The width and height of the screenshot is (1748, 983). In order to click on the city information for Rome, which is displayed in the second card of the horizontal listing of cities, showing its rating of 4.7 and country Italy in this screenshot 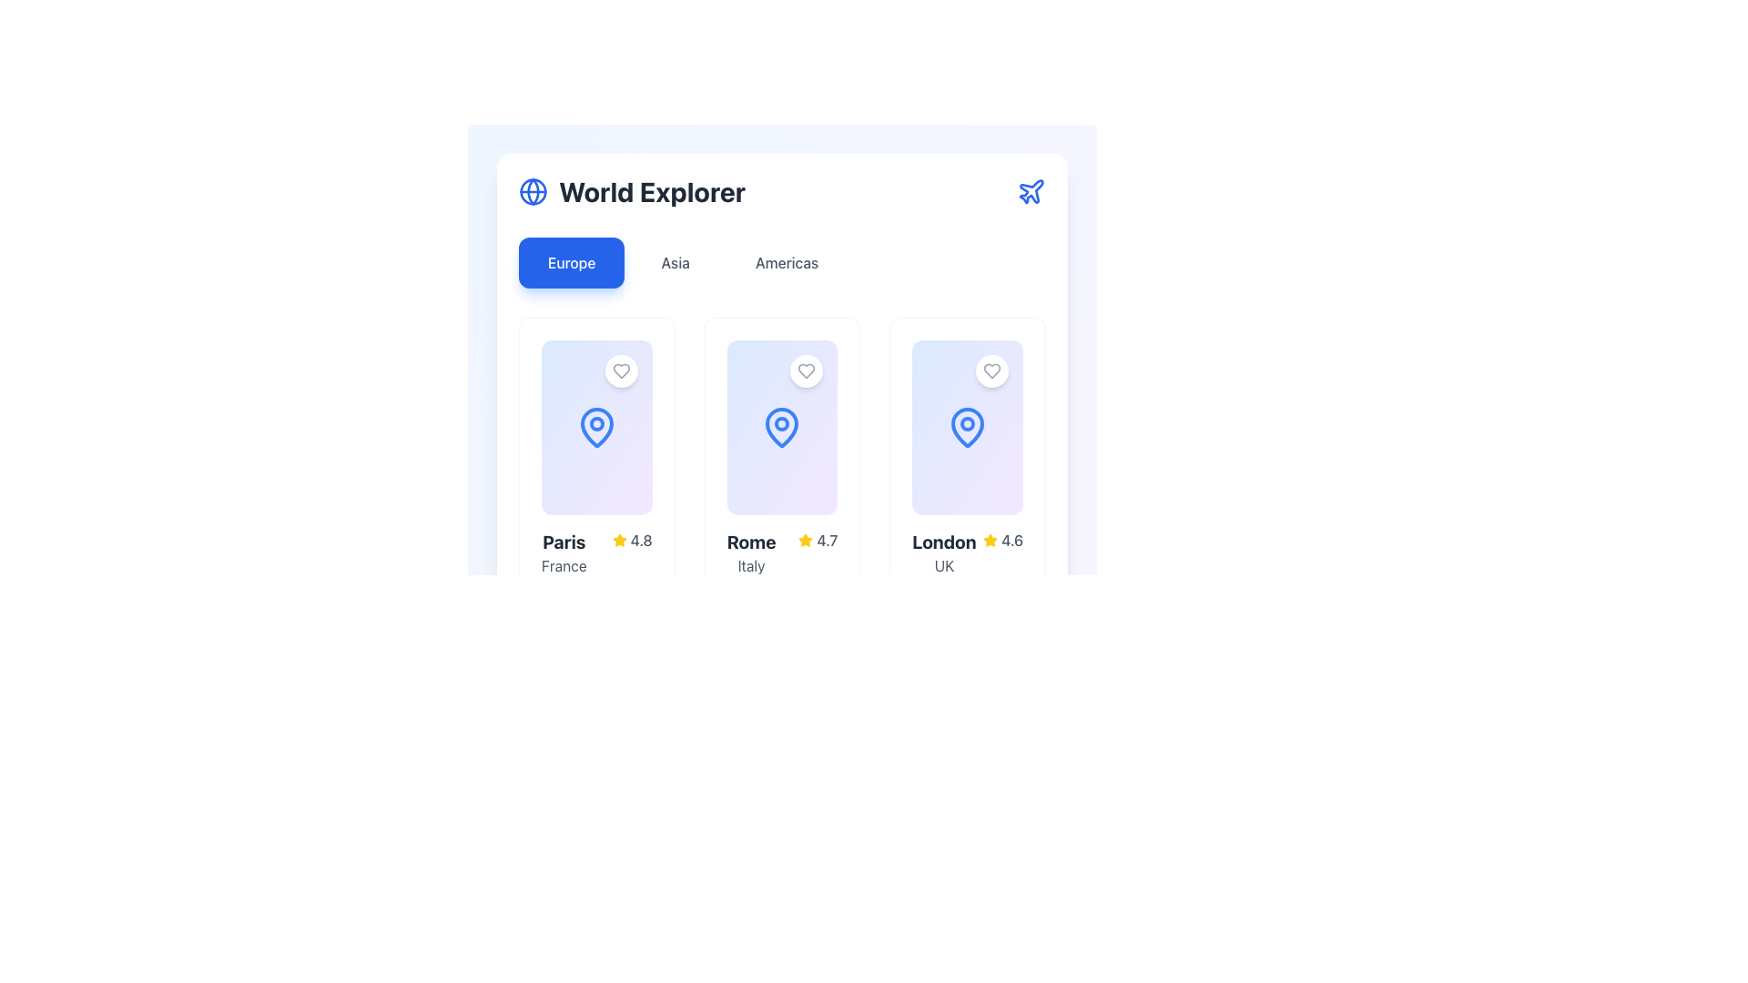, I will do `click(782, 552)`.